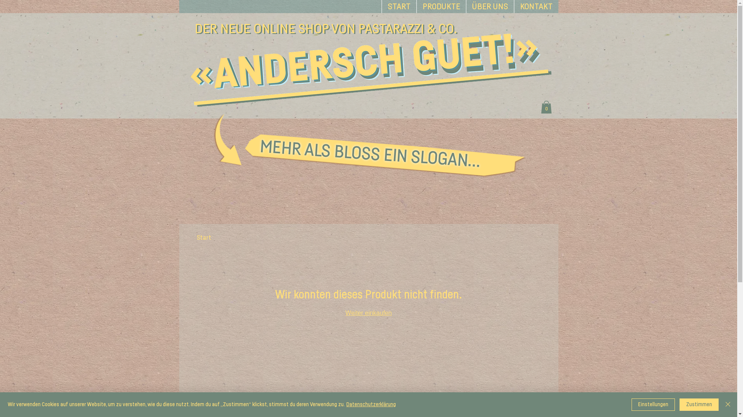  Describe the element at coordinates (204, 237) in the screenshot. I see `'Start'` at that location.